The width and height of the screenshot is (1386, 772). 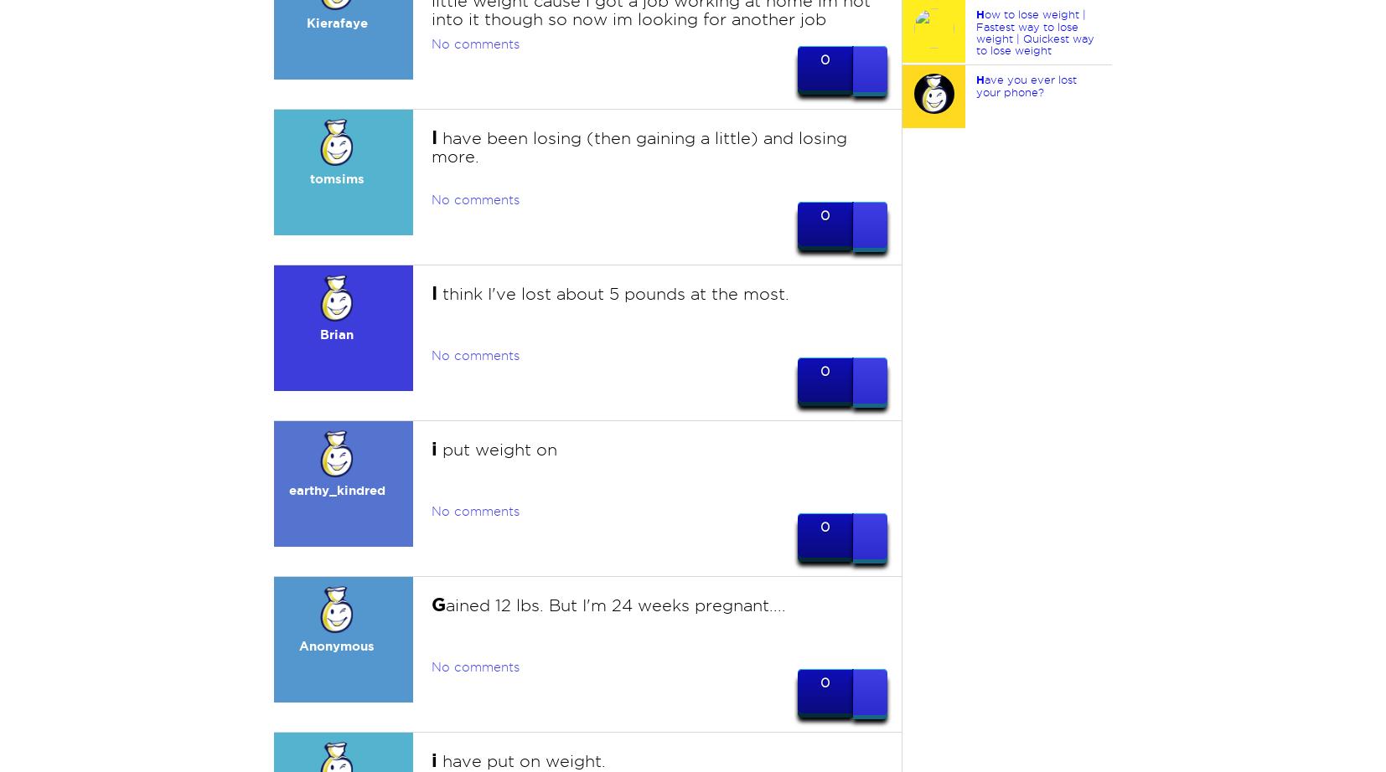 I want to click on 'have put on weight.', so click(x=437, y=759).